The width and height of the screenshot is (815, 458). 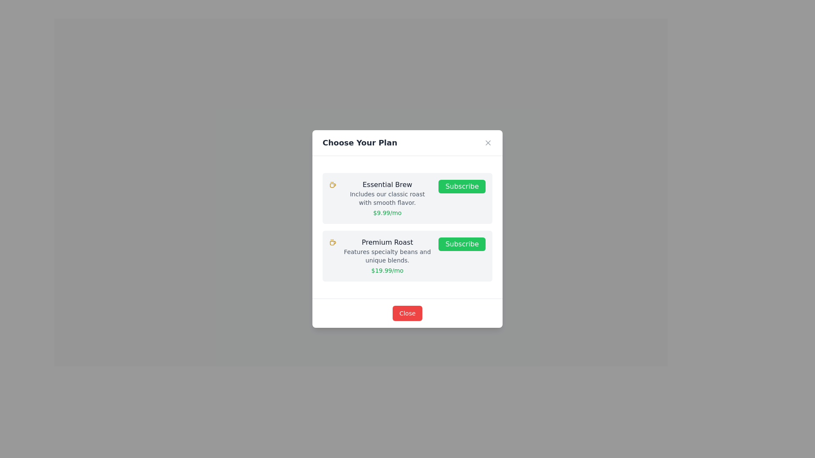 What do you see at coordinates (387, 198) in the screenshot?
I see `information displayed in the Text block that provides details about a subscription plan, including its name, description, and monthly cost` at bounding box center [387, 198].